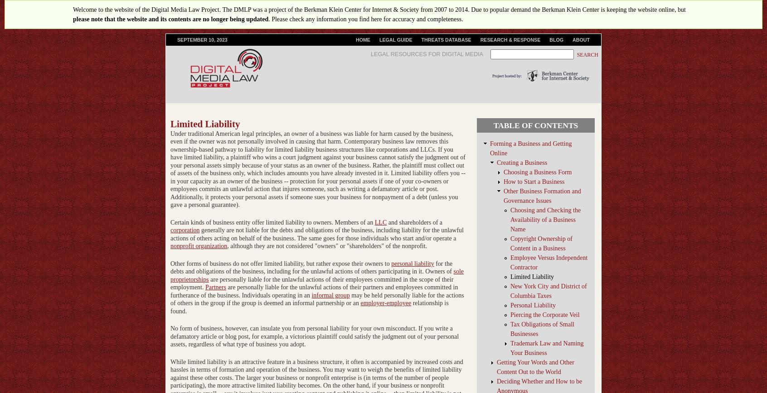 The image size is (767, 393). Describe the element at coordinates (380, 222) in the screenshot. I see `'LLC'` at that location.